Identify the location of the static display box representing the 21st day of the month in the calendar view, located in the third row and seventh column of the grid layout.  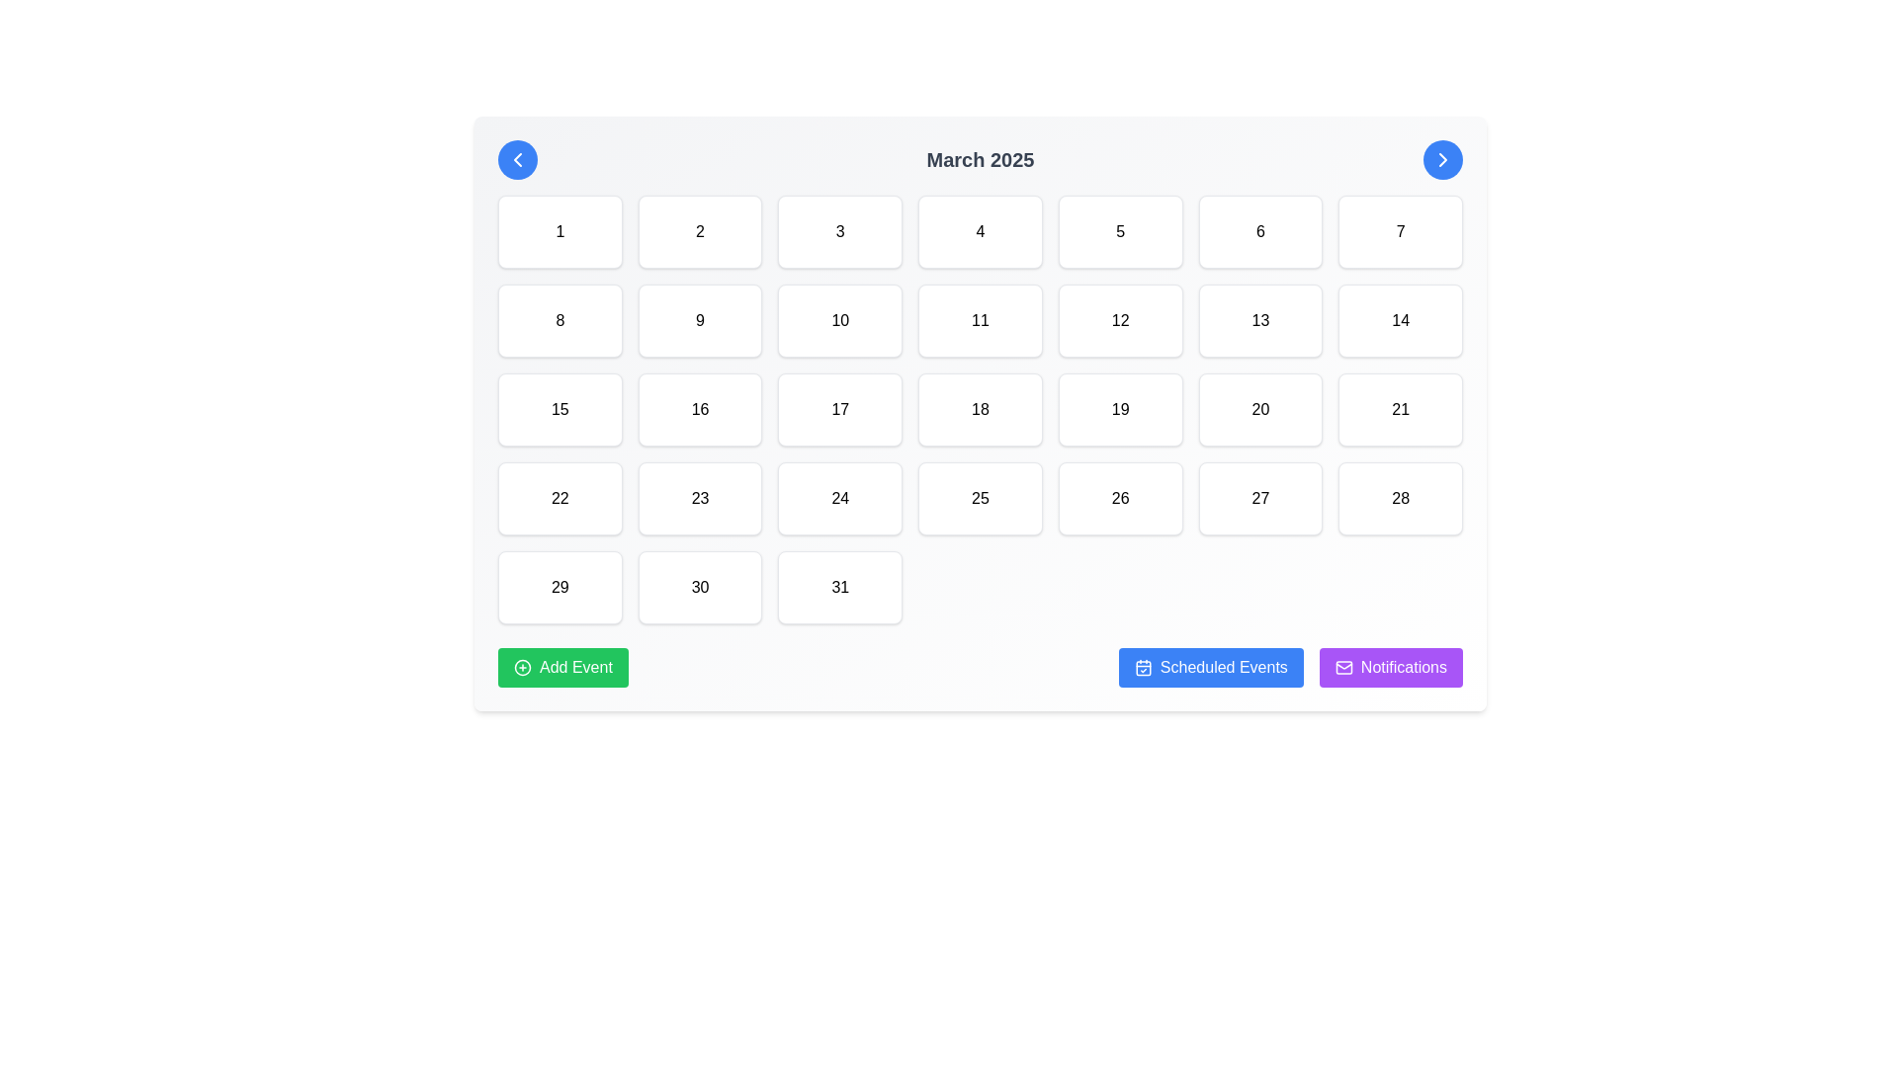
(1400, 409).